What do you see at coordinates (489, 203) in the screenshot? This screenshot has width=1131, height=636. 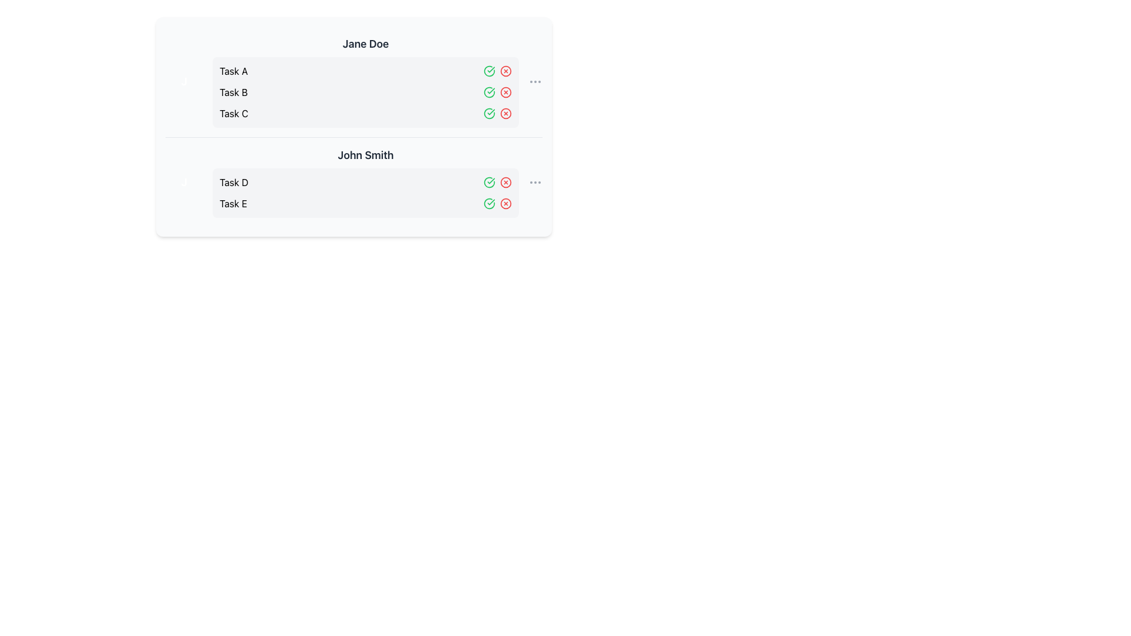 I see `the visual feedback of the confirmation icon for 'Task E' located to the right of the task description under 'John Smith'` at bounding box center [489, 203].